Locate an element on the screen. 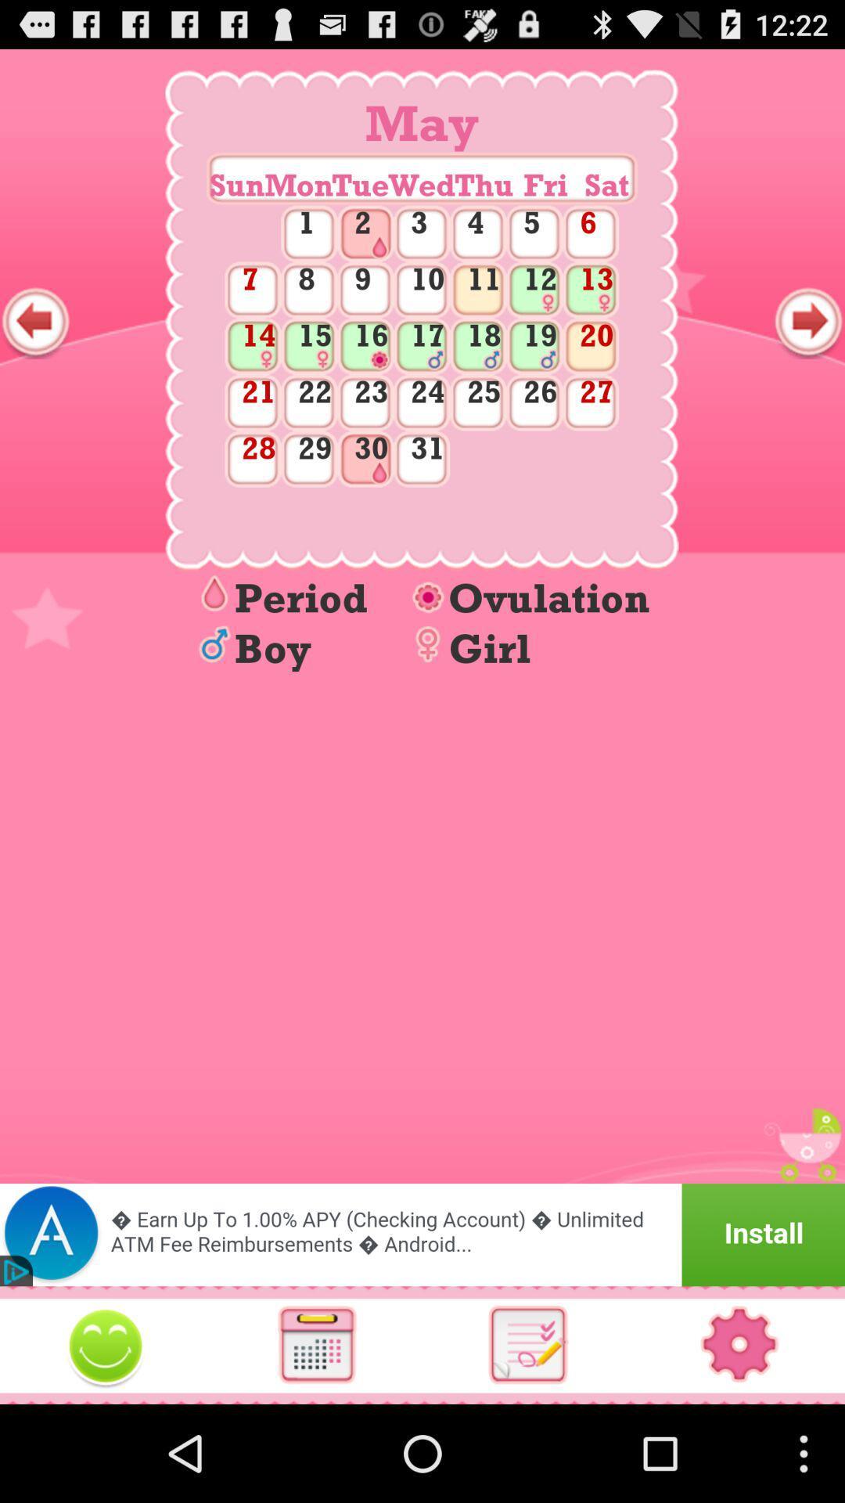 Image resolution: width=845 pixels, height=1503 pixels. the arrow_forward icon is located at coordinates (808, 343).